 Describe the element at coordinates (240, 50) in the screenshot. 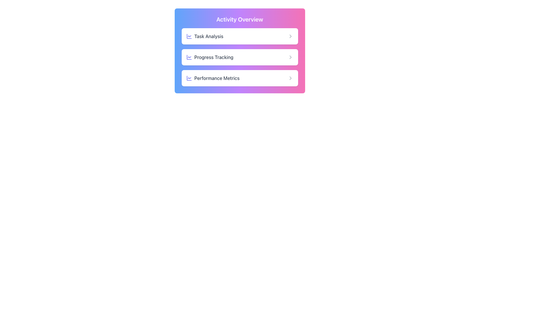

I see `the second option box labeled 'Progress Tracking' within the 'Activity Overview' card` at that location.